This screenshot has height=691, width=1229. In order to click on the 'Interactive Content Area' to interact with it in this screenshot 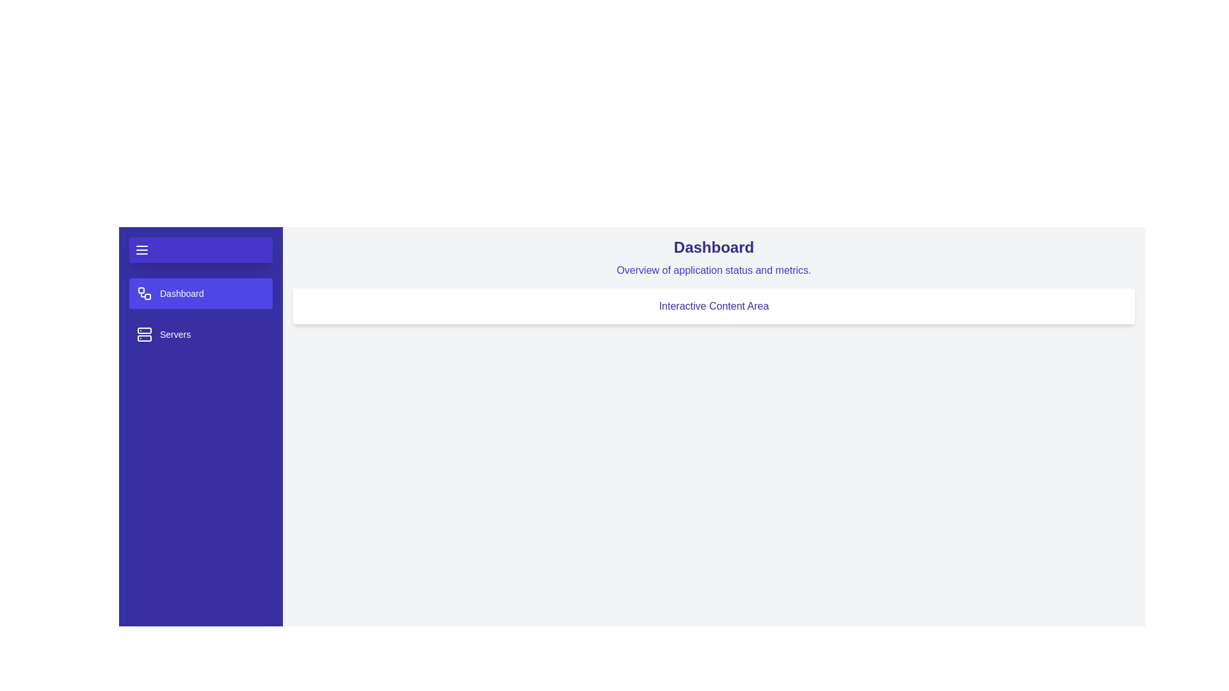, I will do `click(712, 306)`.